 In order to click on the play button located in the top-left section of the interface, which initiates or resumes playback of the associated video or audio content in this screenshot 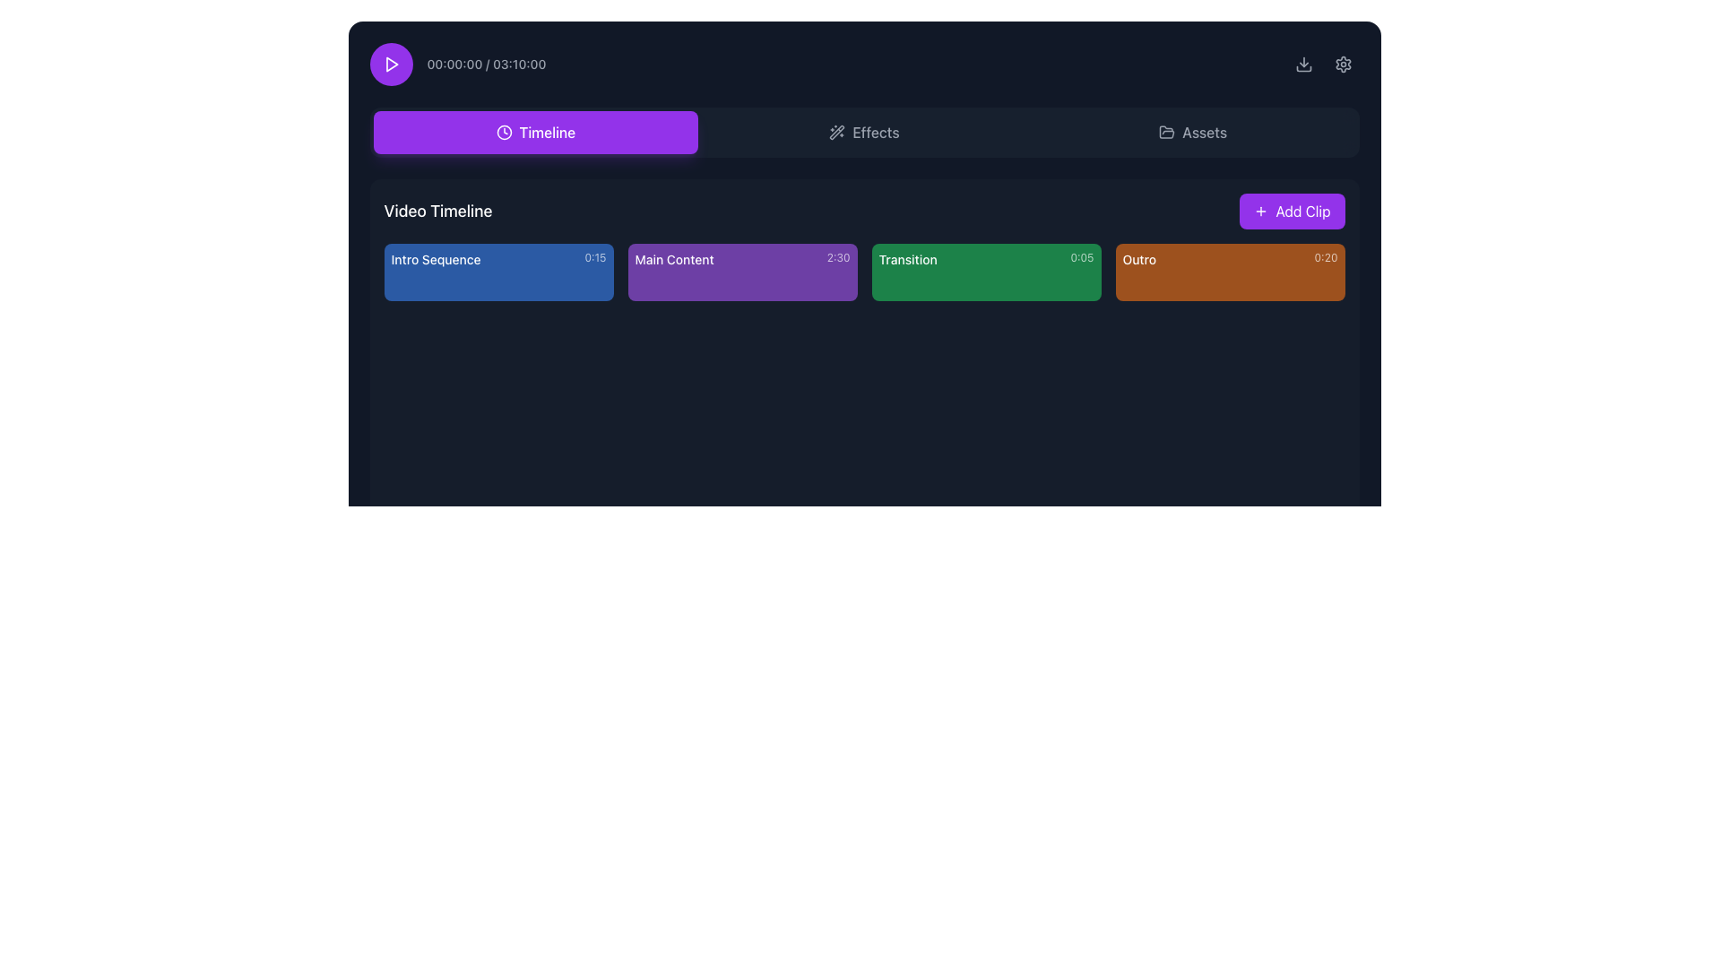, I will do `click(390, 64)`.